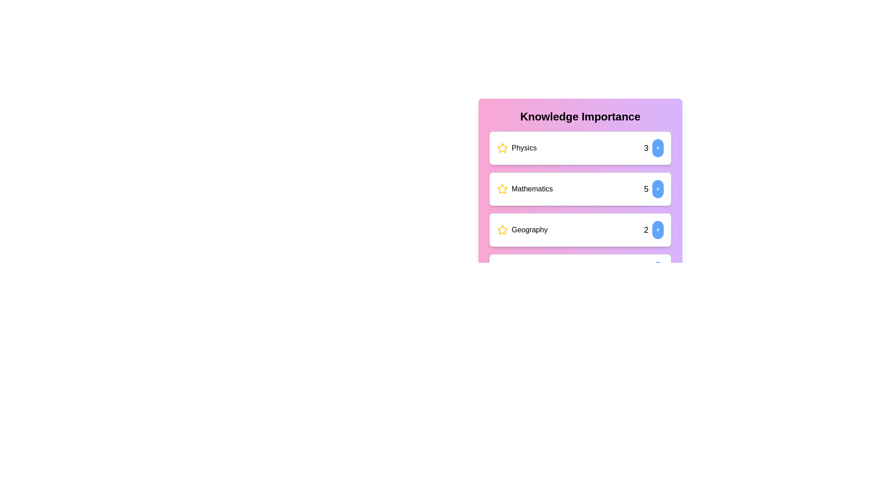 The width and height of the screenshot is (874, 491). I want to click on '+' button for the Geography knowledge area, so click(658, 229).